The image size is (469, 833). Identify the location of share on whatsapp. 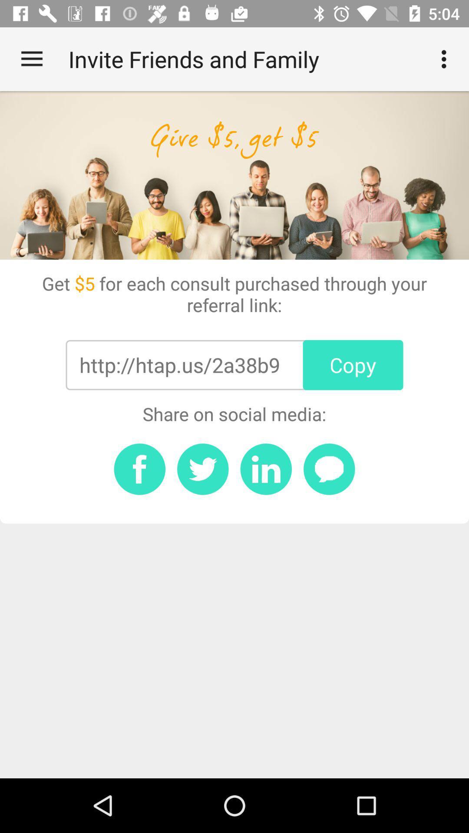
(329, 469).